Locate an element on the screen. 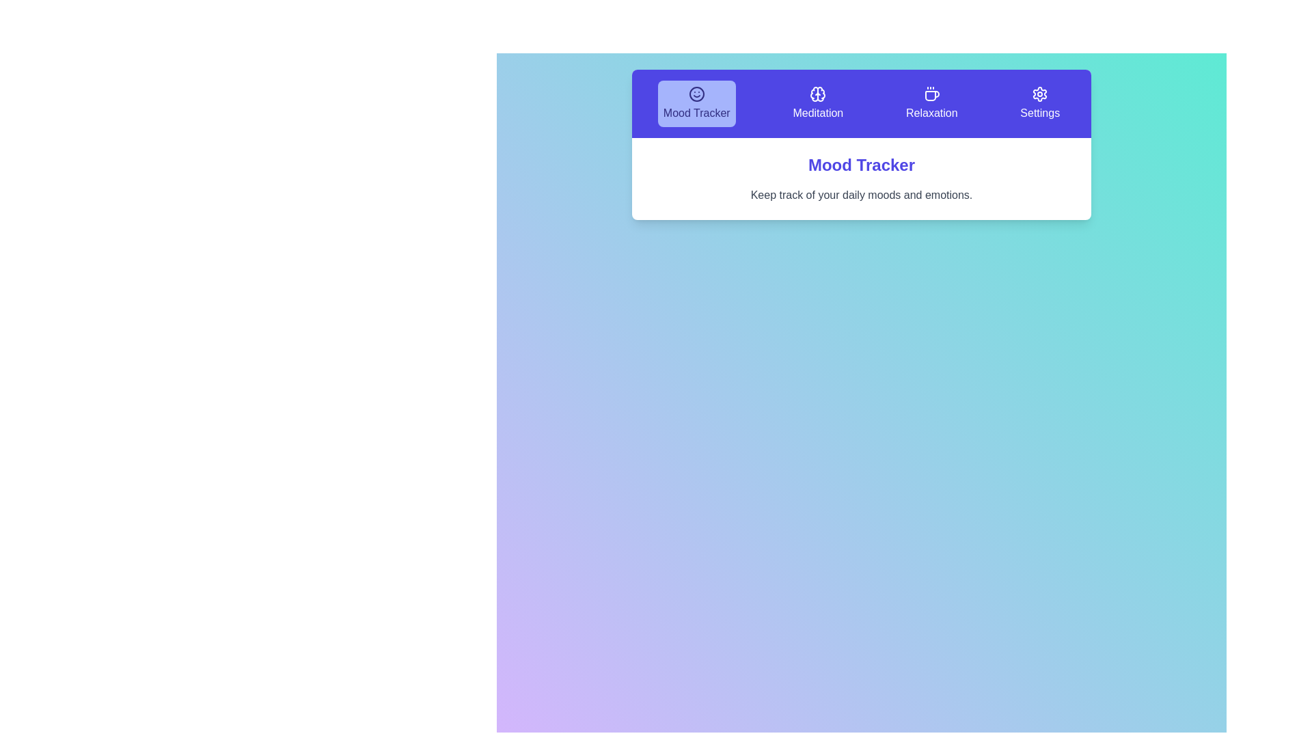  the gear icon located in the top-right corner of the navigation bar is located at coordinates (1039, 94).